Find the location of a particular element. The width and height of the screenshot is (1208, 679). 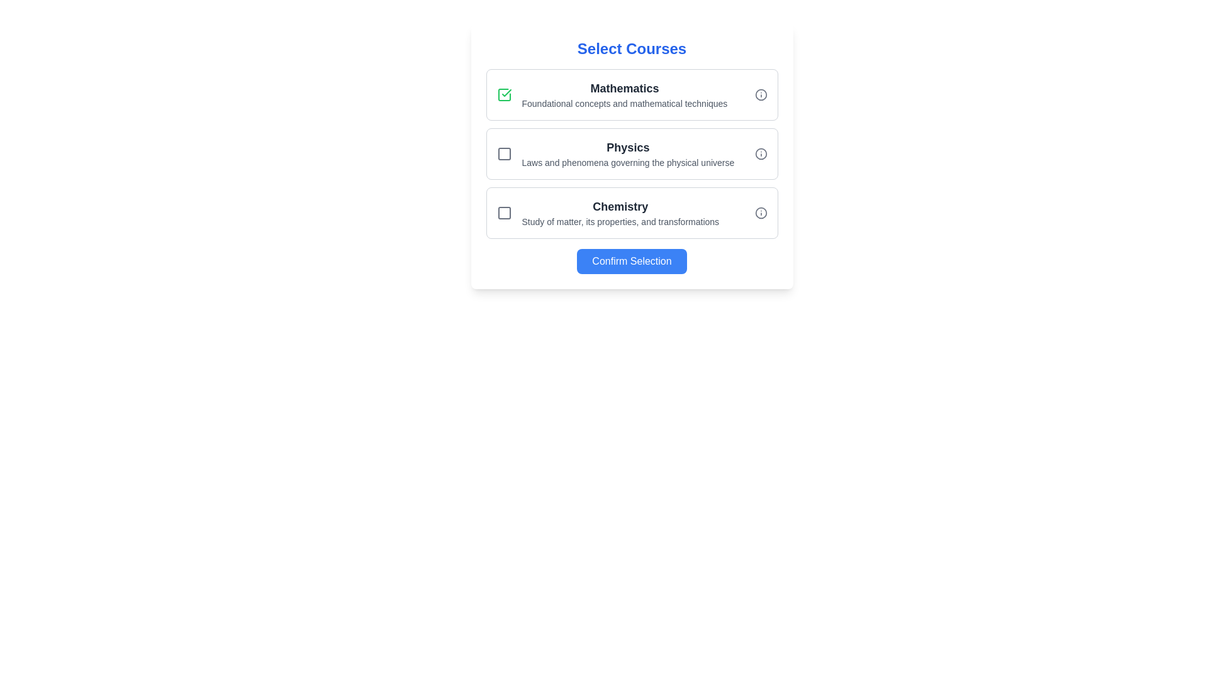

the static text label that provides supplementary information about the course titled 'Study of matter, its properties, and transformations', located below the 'Chemistry' header is located at coordinates (620, 221).